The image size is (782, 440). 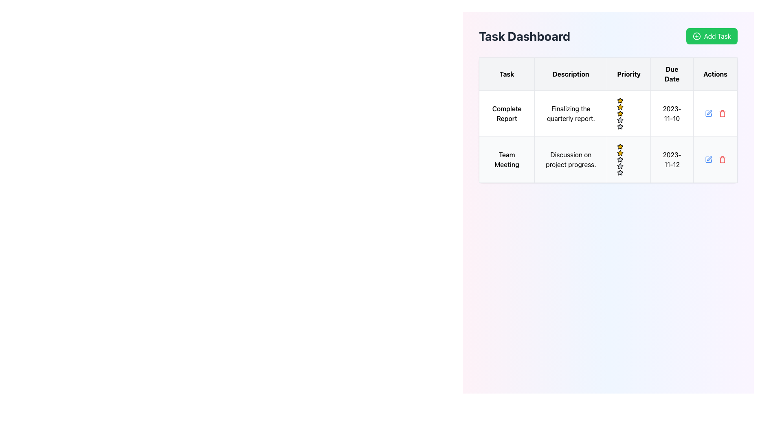 What do you see at coordinates (506, 74) in the screenshot?
I see `the 'Task' Table Cell Header element to interact with the column header` at bounding box center [506, 74].